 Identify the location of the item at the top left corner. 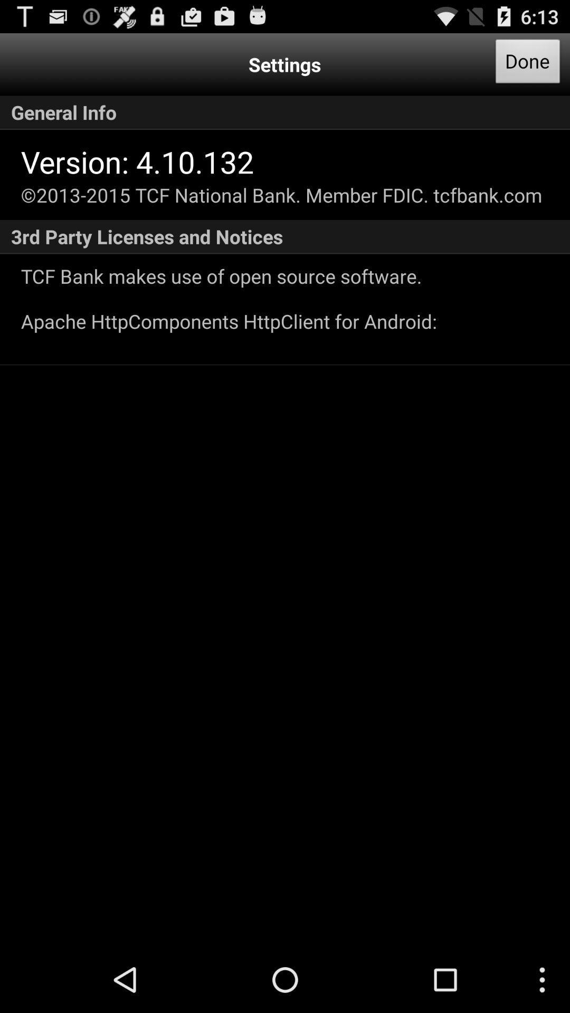
(137, 161).